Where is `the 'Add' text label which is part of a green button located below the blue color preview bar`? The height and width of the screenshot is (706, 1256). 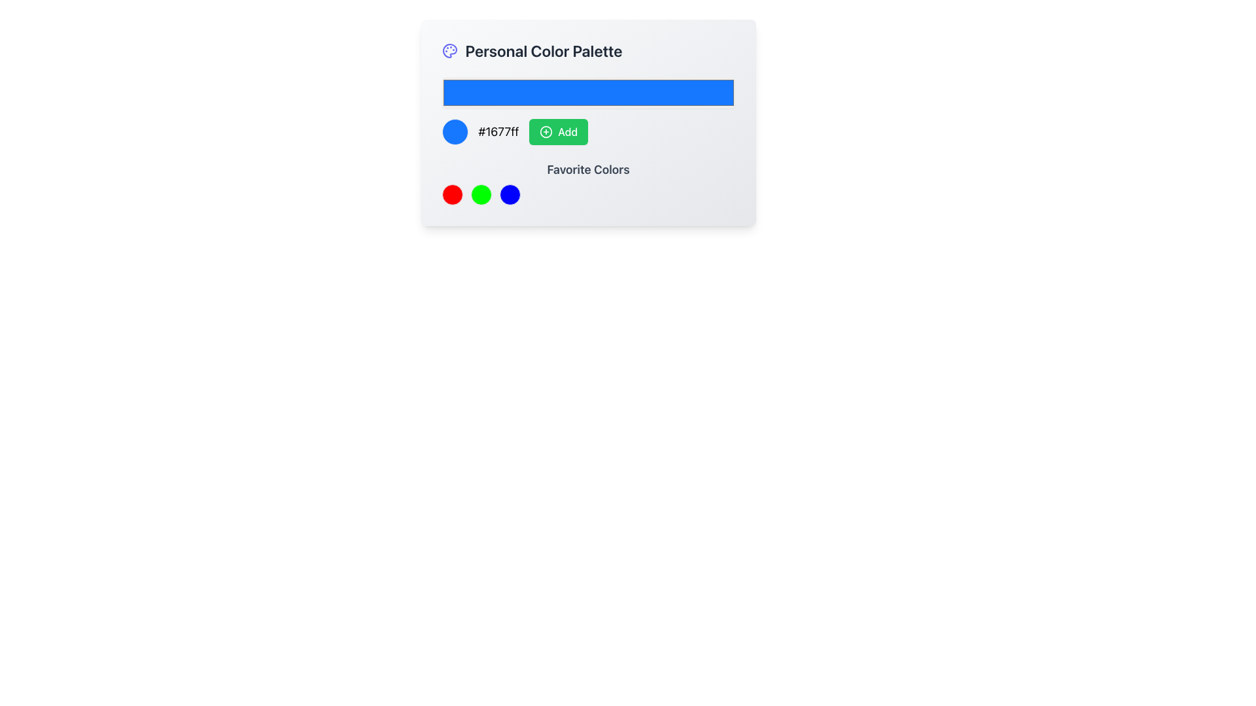
the 'Add' text label which is part of a green button located below the blue color preview bar is located at coordinates (568, 131).